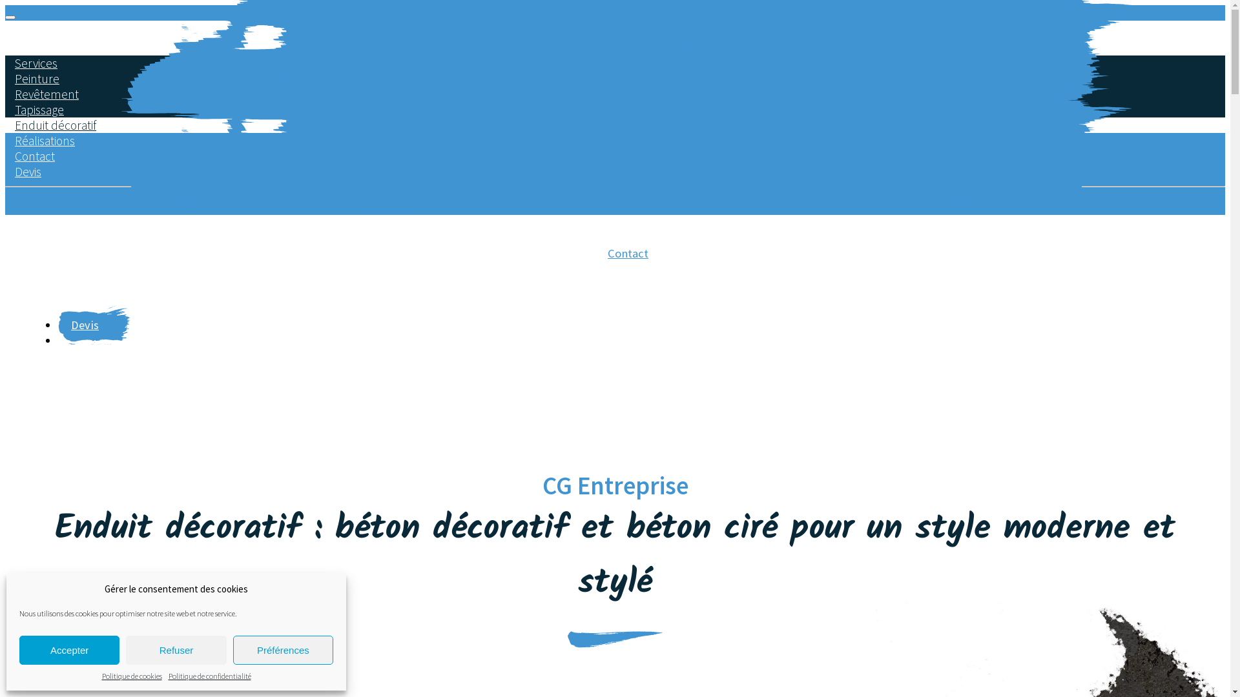 The image size is (1240, 697). Describe the element at coordinates (68, 650) in the screenshot. I see `'Accepter'` at that location.